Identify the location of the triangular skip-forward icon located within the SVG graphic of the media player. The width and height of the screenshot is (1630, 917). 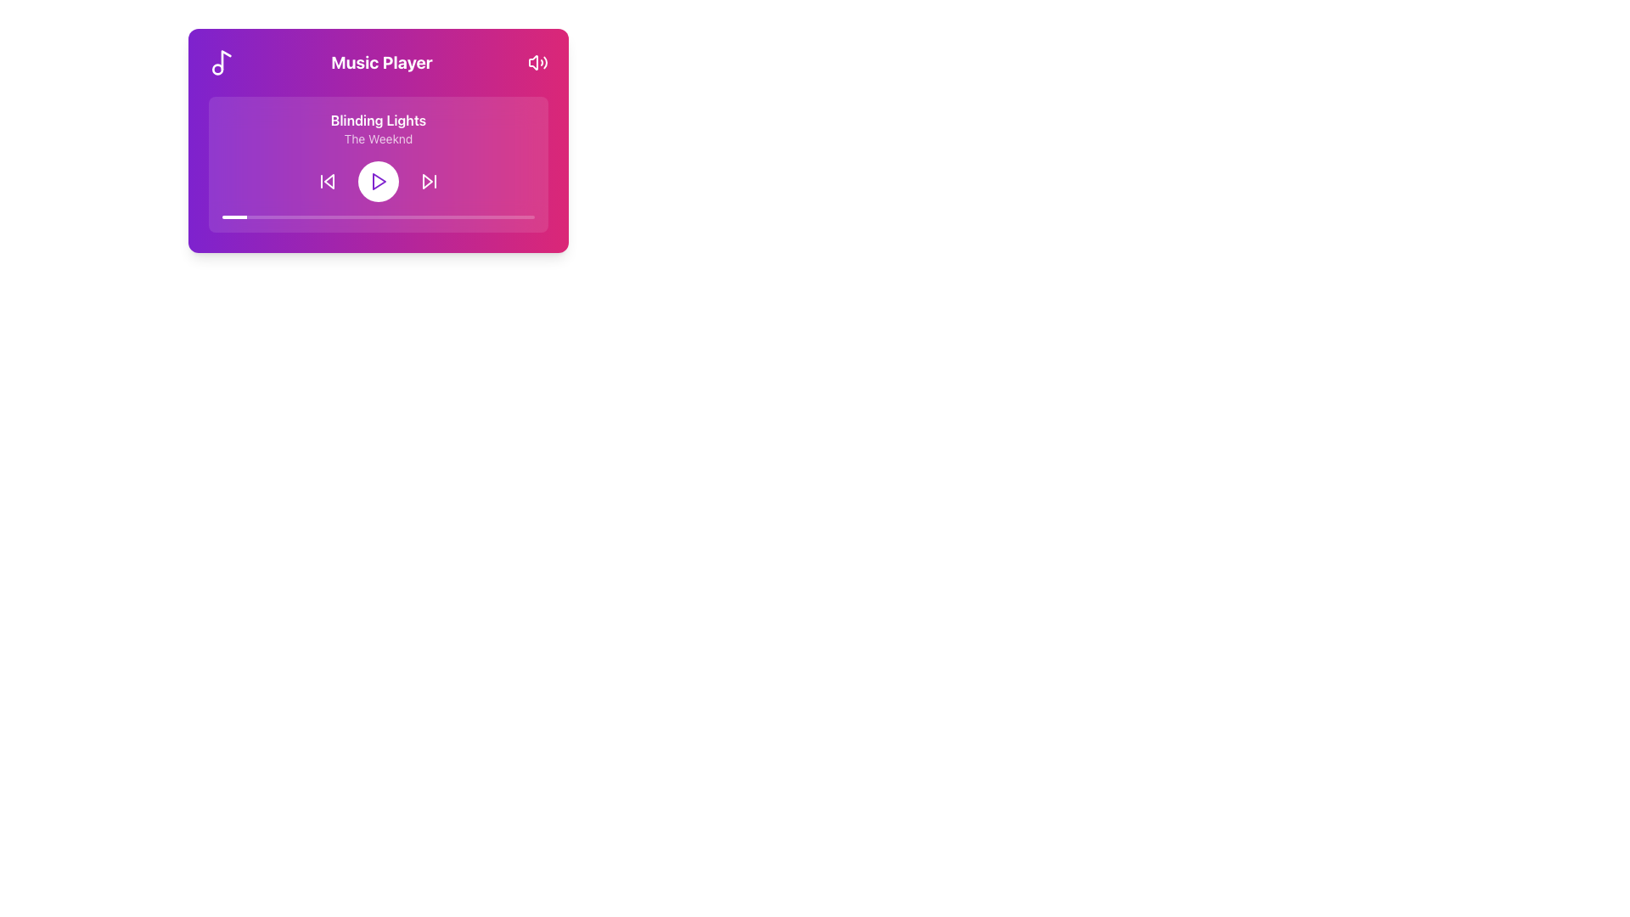
(428, 181).